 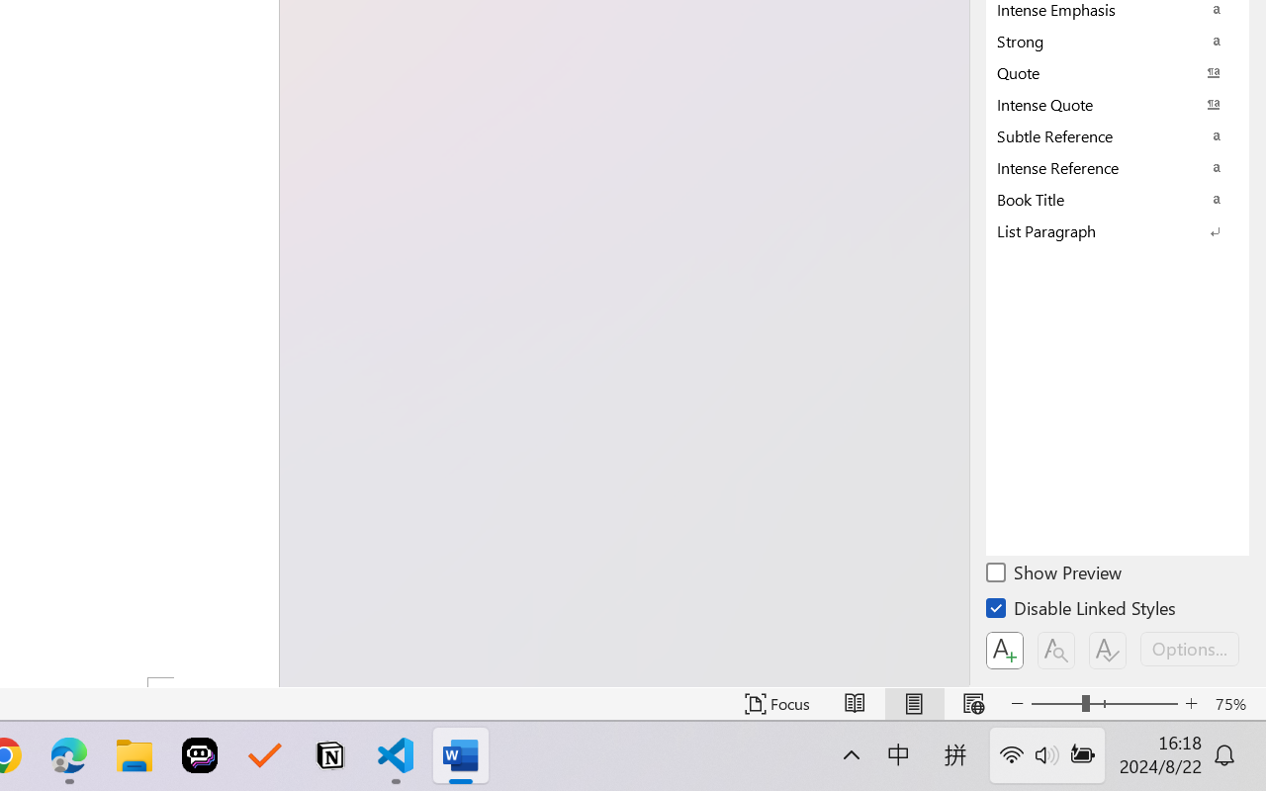 What do you see at coordinates (1118, 135) in the screenshot?
I see `'Subtle Reference'` at bounding box center [1118, 135].